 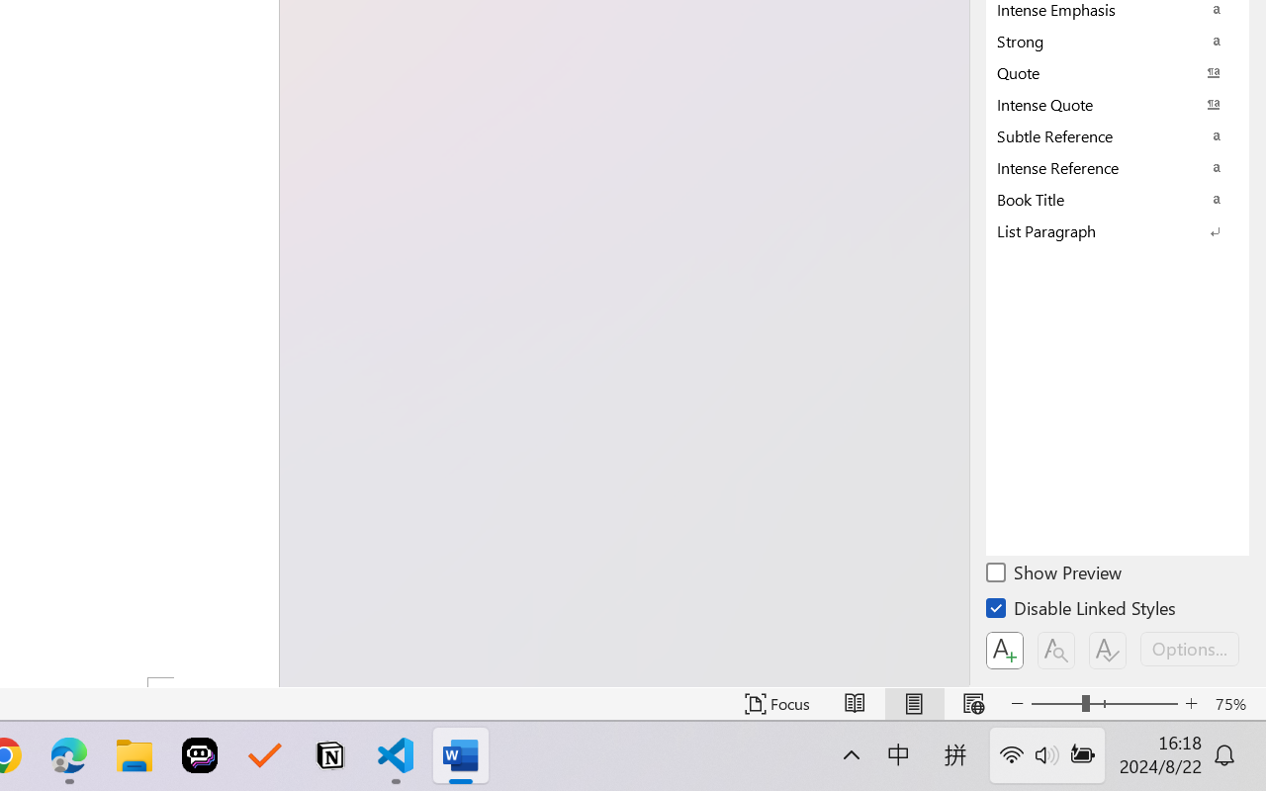 What do you see at coordinates (1118, 135) in the screenshot?
I see `'Subtle Reference'` at bounding box center [1118, 135].